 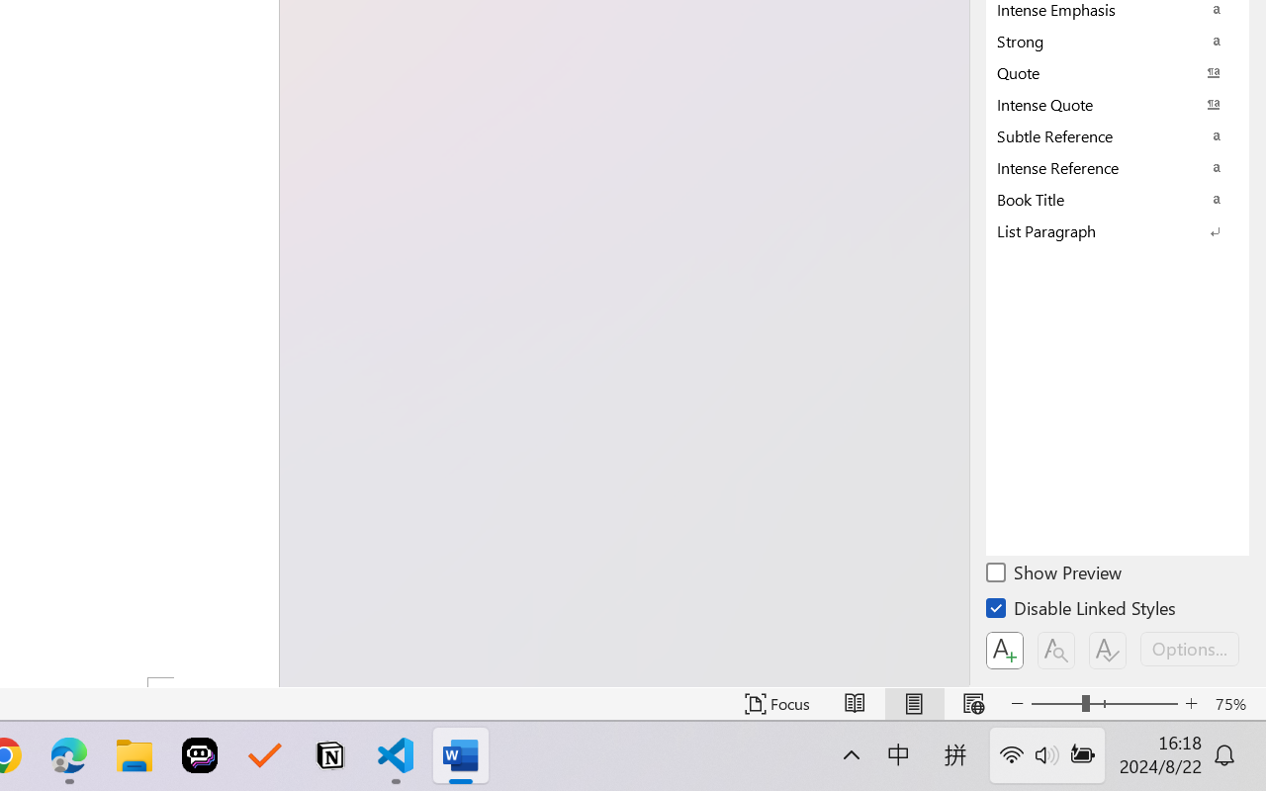 What do you see at coordinates (1118, 135) in the screenshot?
I see `'Subtle Reference'` at bounding box center [1118, 135].